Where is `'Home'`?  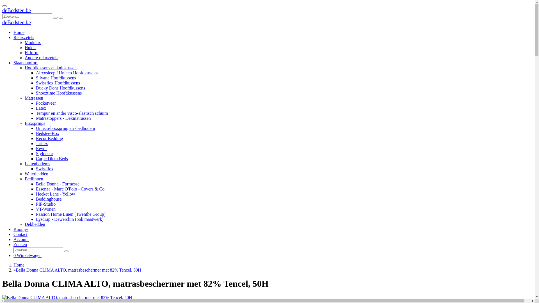
'Home' is located at coordinates (13, 265).